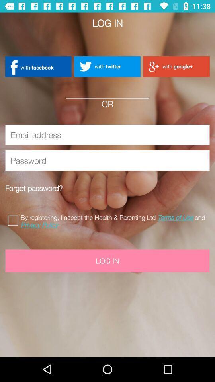 Image resolution: width=215 pixels, height=382 pixels. What do you see at coordinates (107, 160) in the screenshot?
I see `password input field` at bounding box center [107, 160].